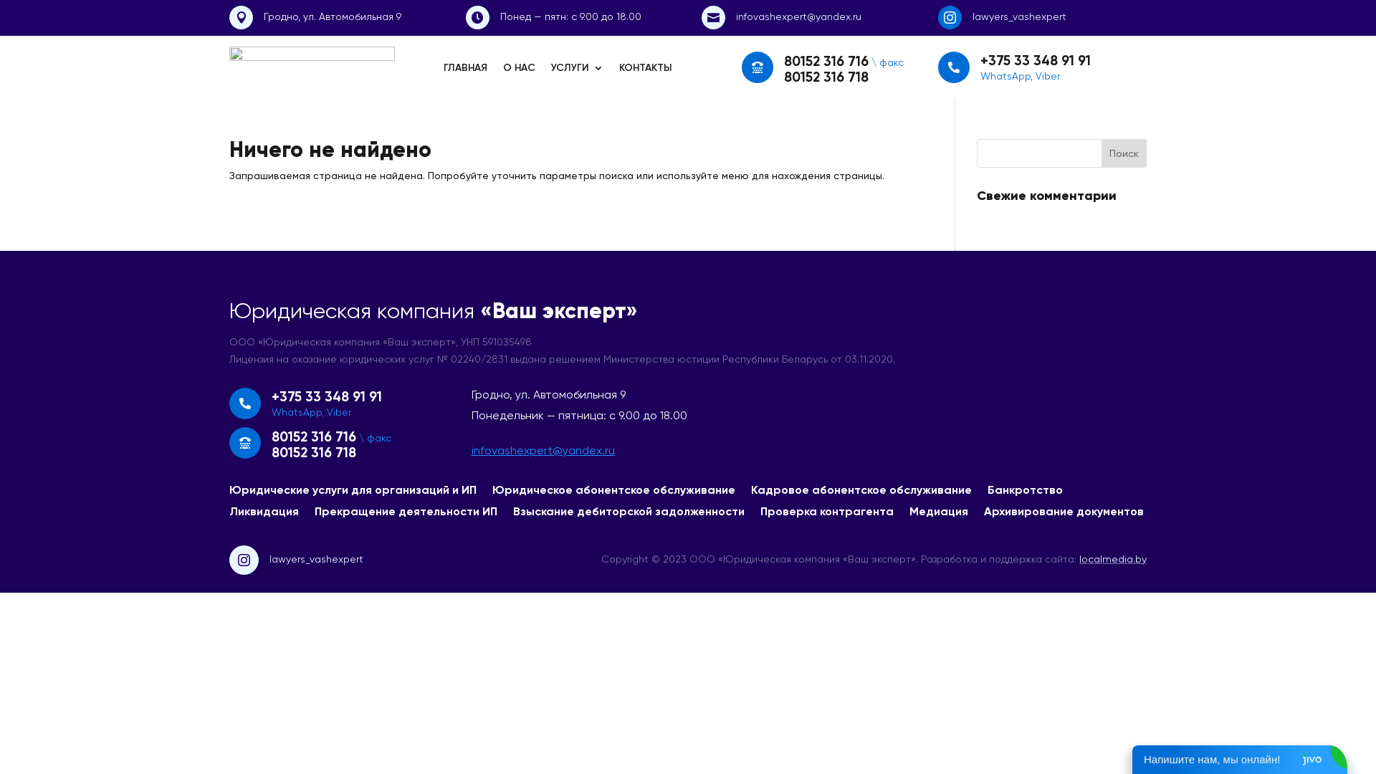 The height and width of the screenshot is (774, 1376). I want to click on 'WhatsApp', so click(295, 411).